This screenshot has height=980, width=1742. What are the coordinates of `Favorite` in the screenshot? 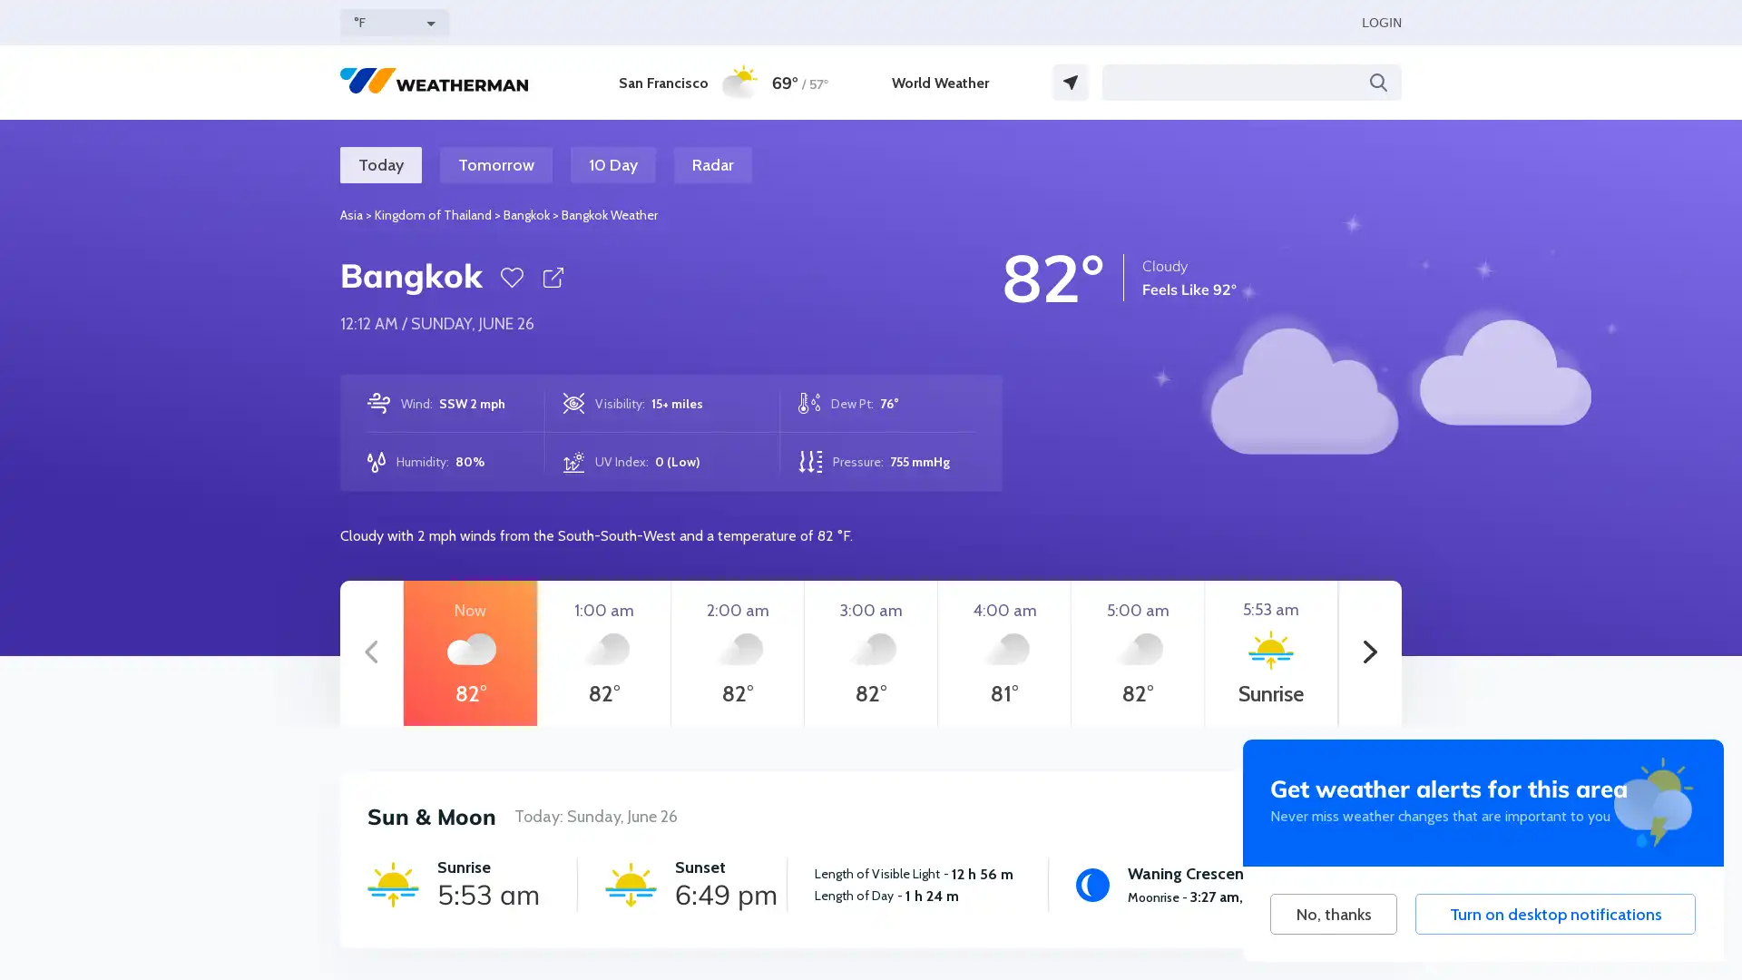 It's located at (511, 277).